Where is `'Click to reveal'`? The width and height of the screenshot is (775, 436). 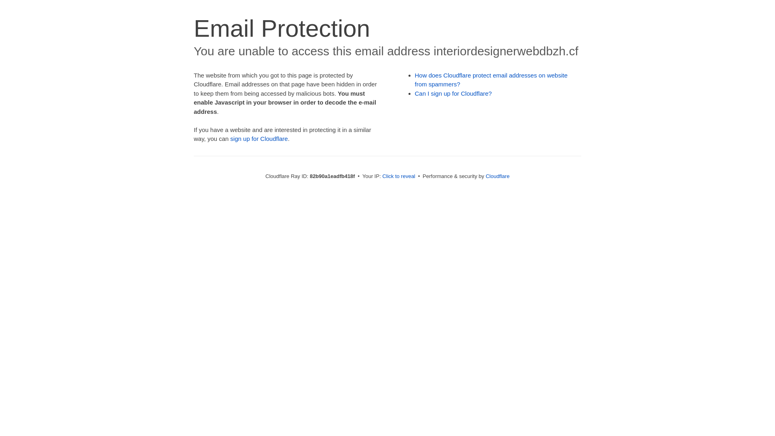
'Click to reveal' is located at coordinates (381, 176).